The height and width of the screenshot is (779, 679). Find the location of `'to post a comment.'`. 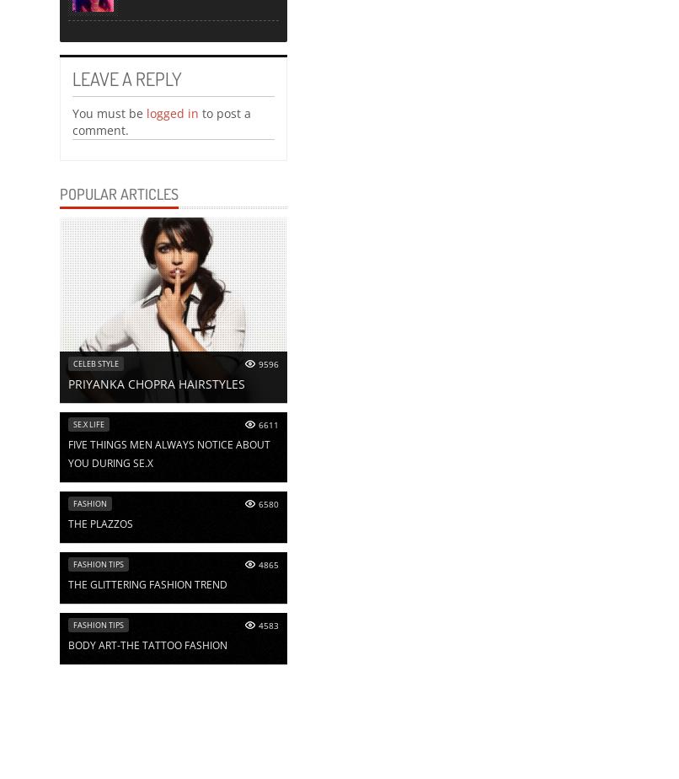

'to post a comment.' is located at coordinates (72, 121).